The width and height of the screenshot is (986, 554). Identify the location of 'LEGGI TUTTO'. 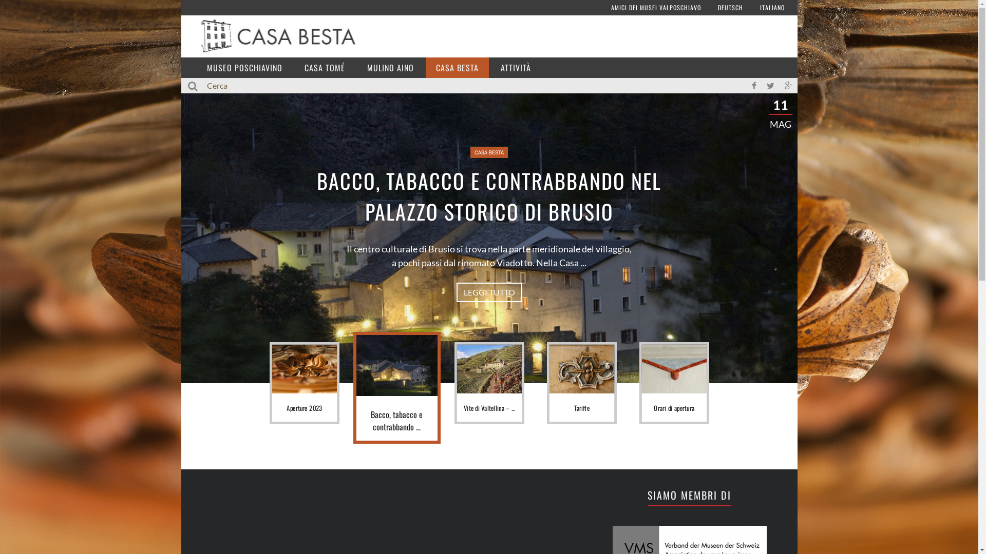
(488, 292).